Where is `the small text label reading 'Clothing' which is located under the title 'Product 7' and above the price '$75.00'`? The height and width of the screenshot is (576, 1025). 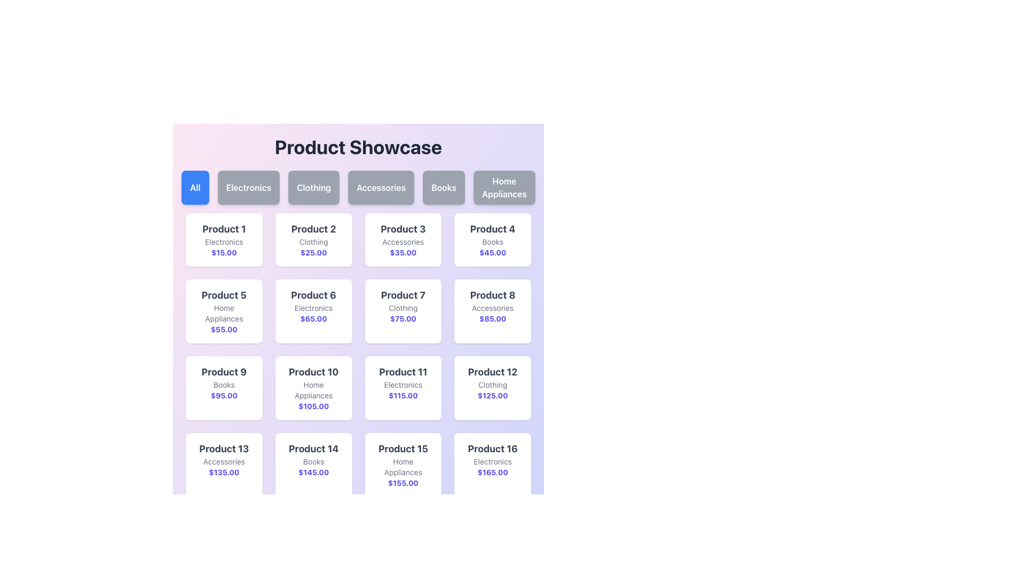
the small text label reading 'Clothing' which is located under the title 'Product 7' and above the price '$75.00' is located at coordinates (403, 308).